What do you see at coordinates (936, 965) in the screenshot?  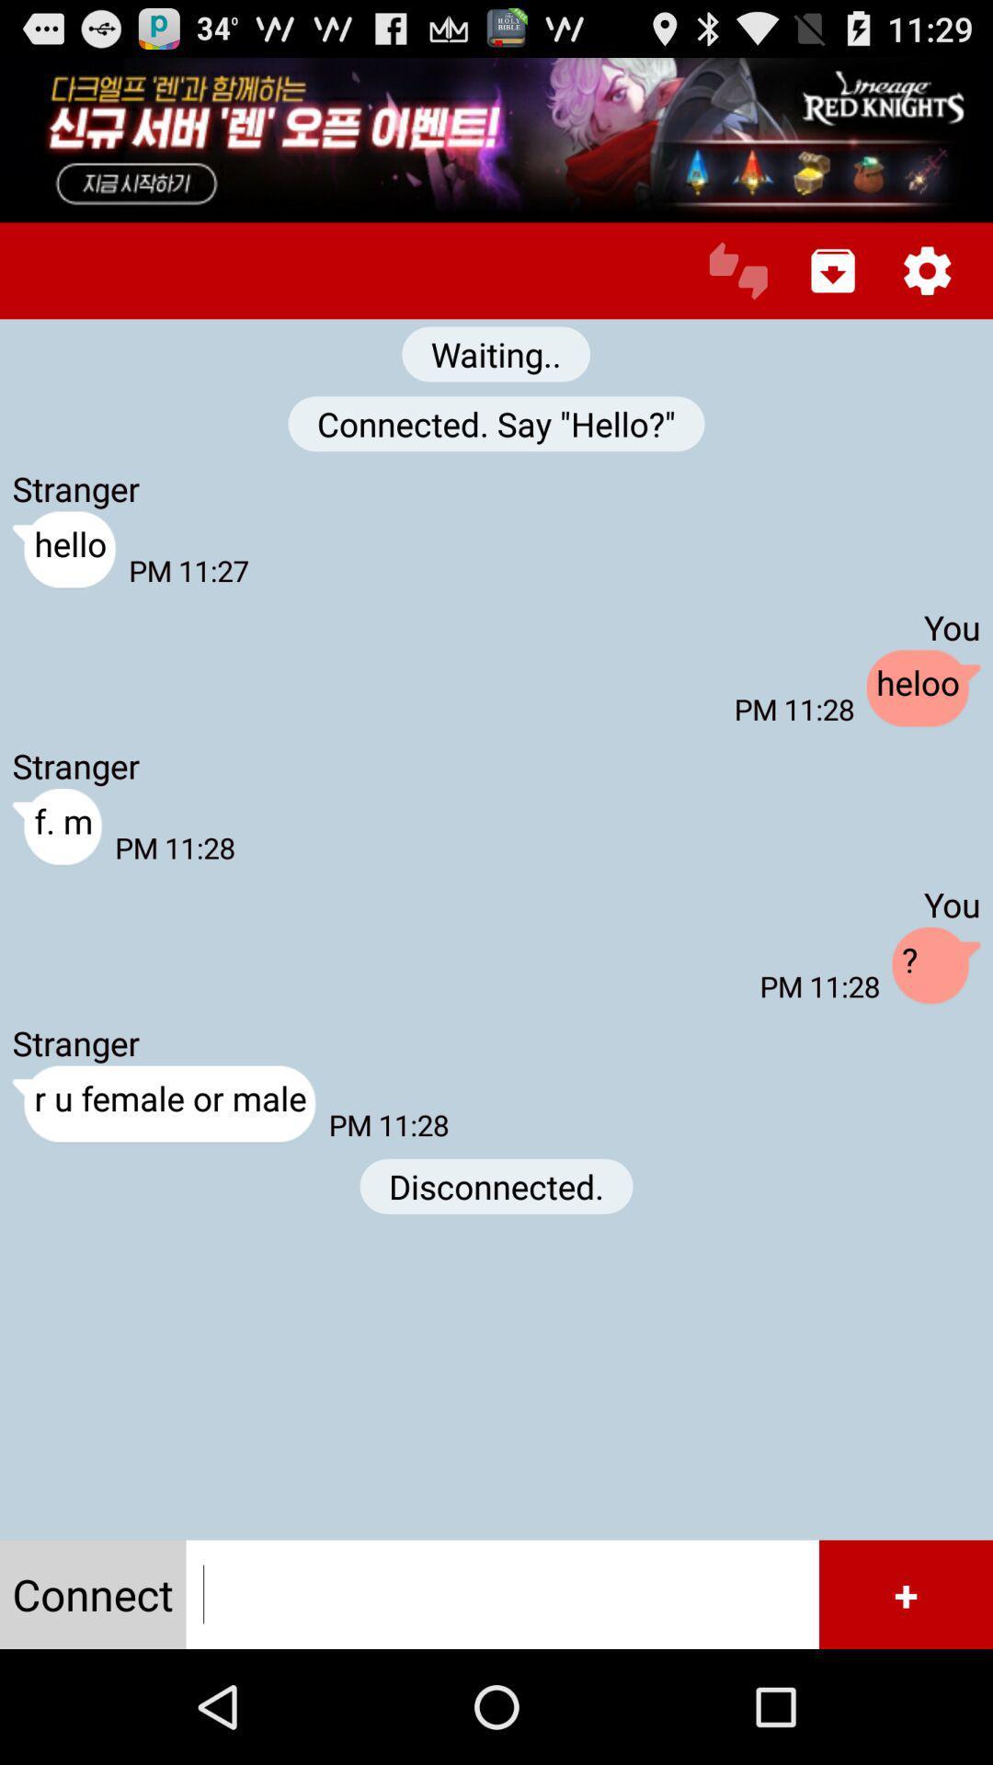 I see `the icon to the right of pm 11:28 item` at bounding box center [936, 965].